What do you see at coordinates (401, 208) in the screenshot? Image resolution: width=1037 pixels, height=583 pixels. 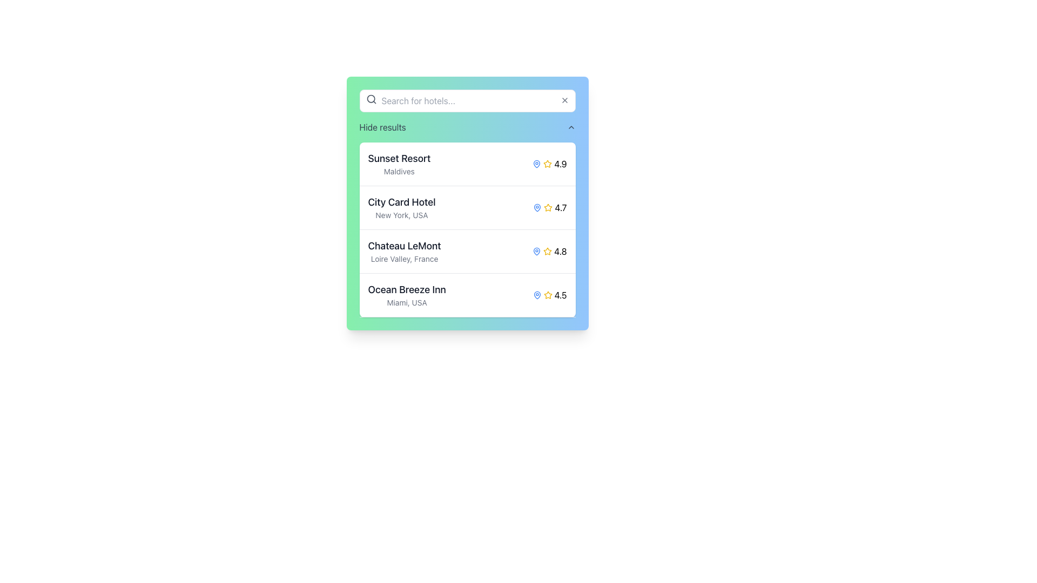 I see `the text element displaying 'City Card Hotel' in bold, black font` at bounding box center [401, 208].